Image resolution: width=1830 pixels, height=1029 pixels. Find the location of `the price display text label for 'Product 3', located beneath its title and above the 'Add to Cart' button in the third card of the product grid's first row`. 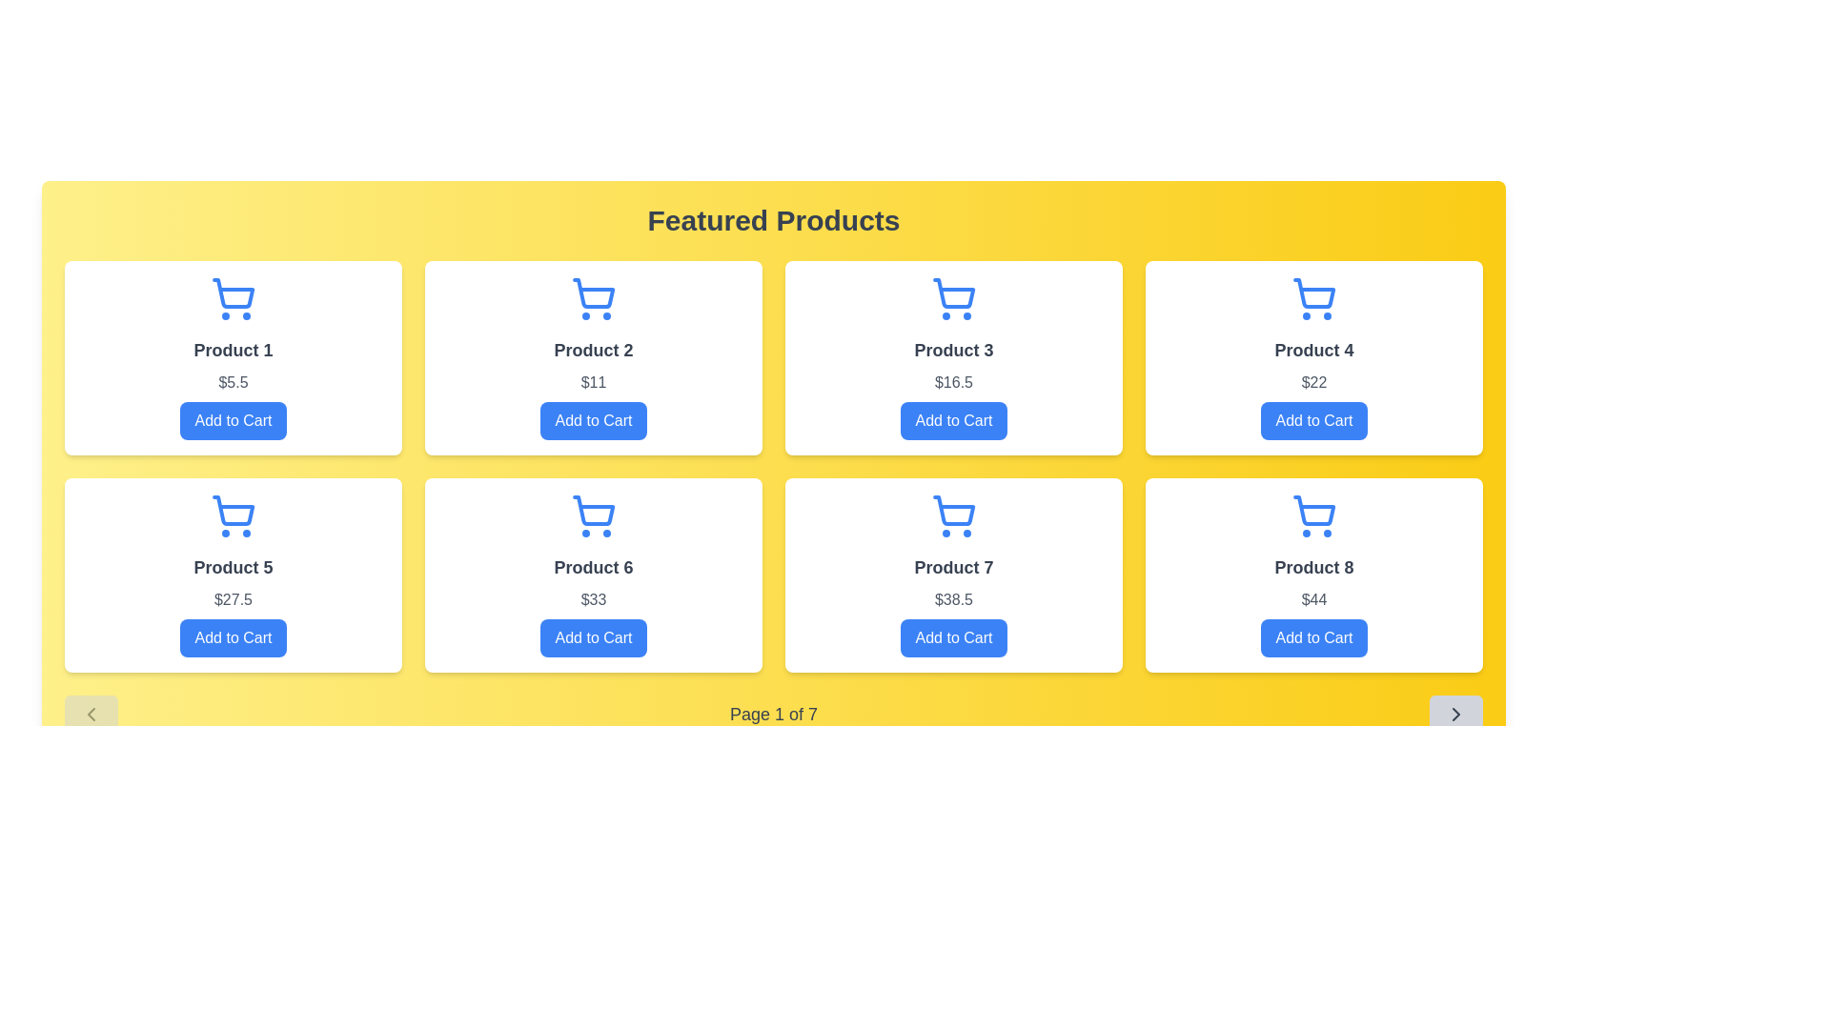

the price display text label for 'Product 3', located beneath its title and above the 'Add to Cart' button in the third card of the product grid's first row is located at coordinates (954, 382).